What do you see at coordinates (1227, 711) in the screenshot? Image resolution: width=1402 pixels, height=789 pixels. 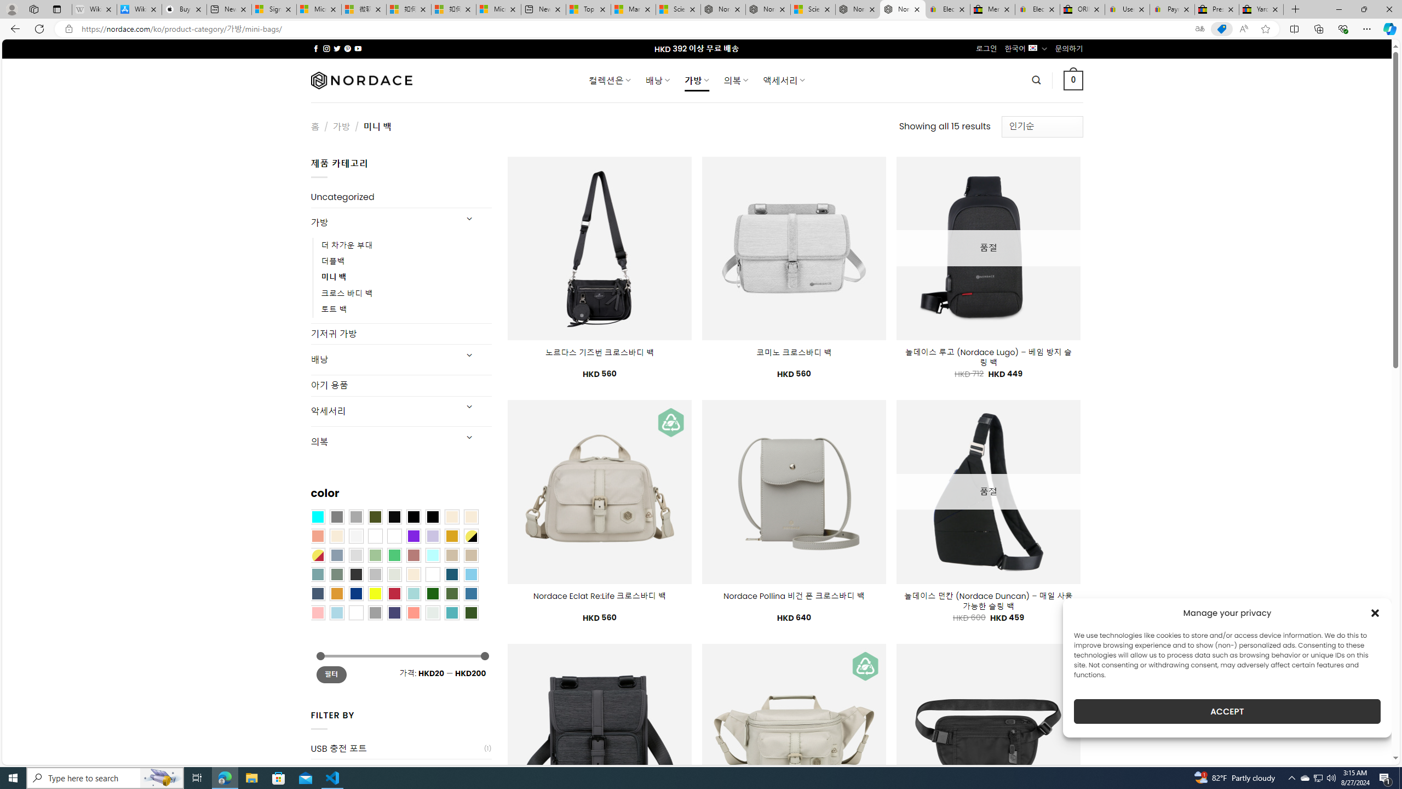 I see `'ACCEPT'` at bounding box center [1227, 711].